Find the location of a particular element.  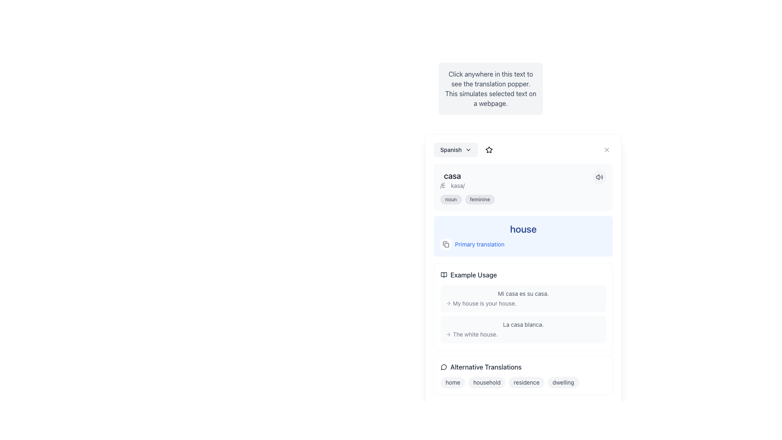

the navigational arrow icon located to the far left of the text 'My house is your house.' is located at coordinates (448, 303).